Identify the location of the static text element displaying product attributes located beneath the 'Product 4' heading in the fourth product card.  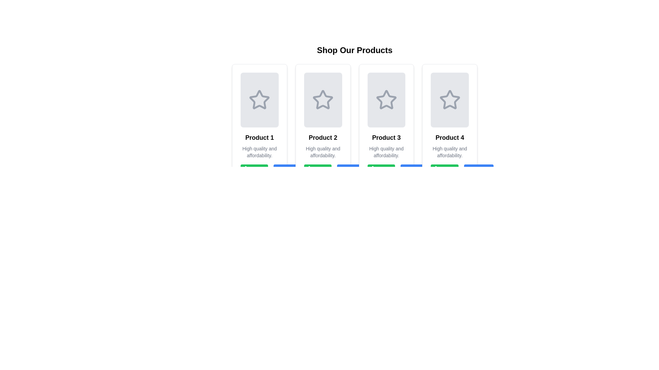
(450, 151).